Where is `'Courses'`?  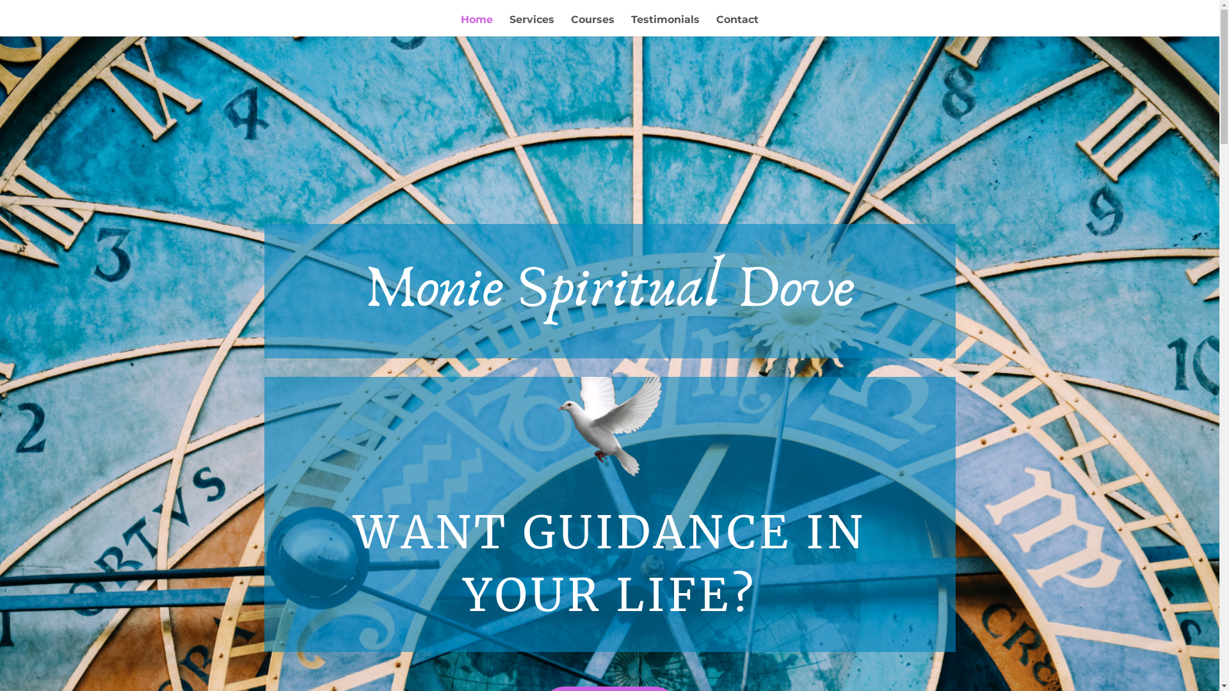 'Courses' is located at coordinates (592, 26).